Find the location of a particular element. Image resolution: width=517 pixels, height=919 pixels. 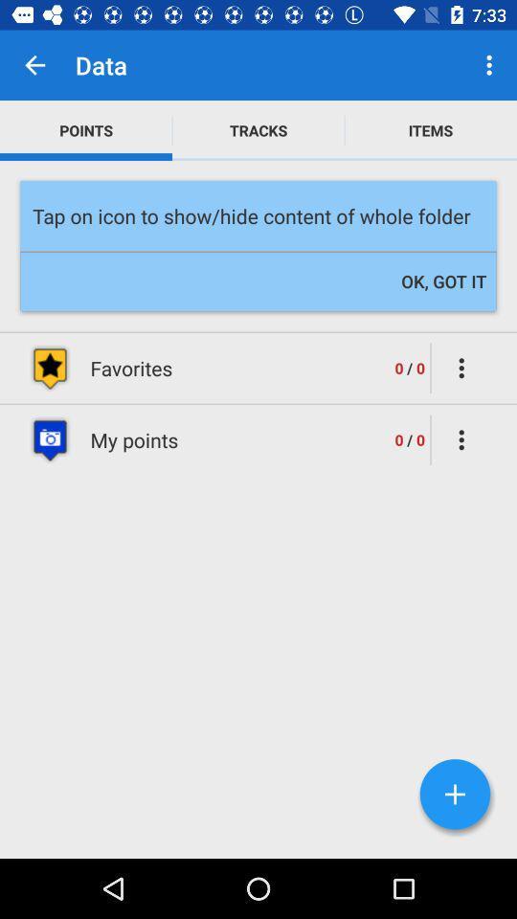

icon to the left of the data is located at coordinates (34, 65).